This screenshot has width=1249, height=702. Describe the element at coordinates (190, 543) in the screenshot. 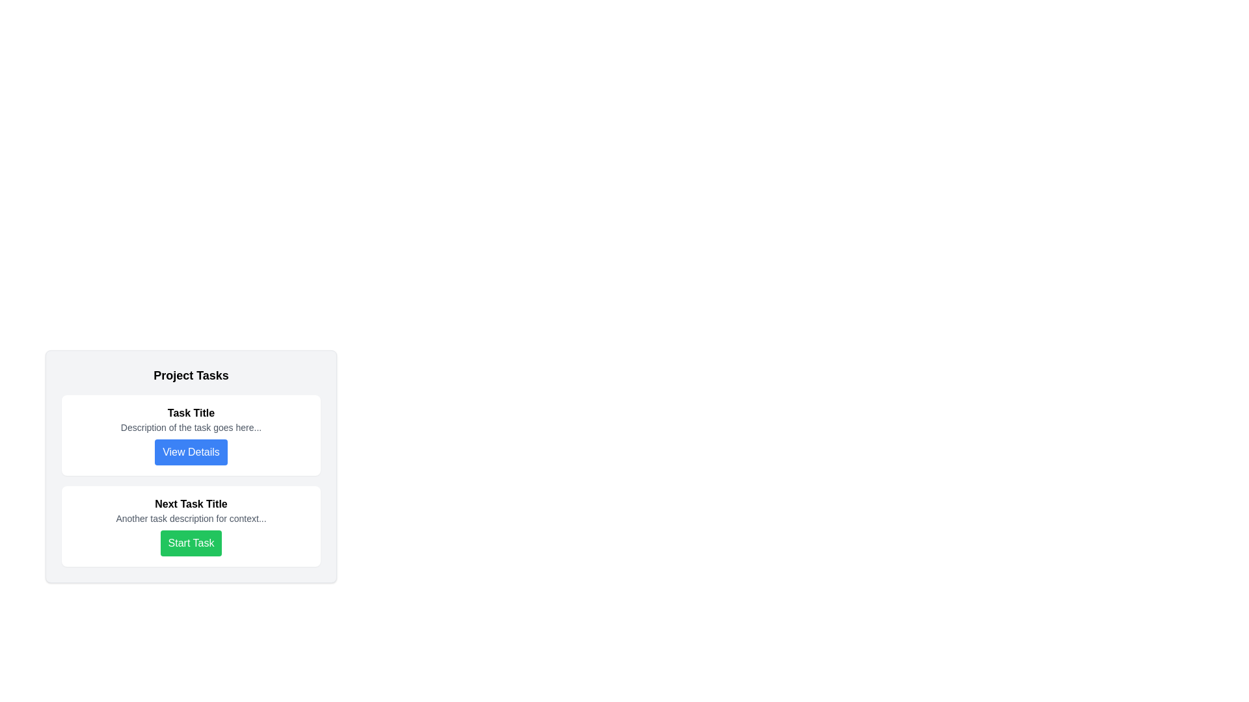

I see `the 'Start Task' button with a green background and white text located at the bottom of the task card labeled 'Next Task Title'` at that location.